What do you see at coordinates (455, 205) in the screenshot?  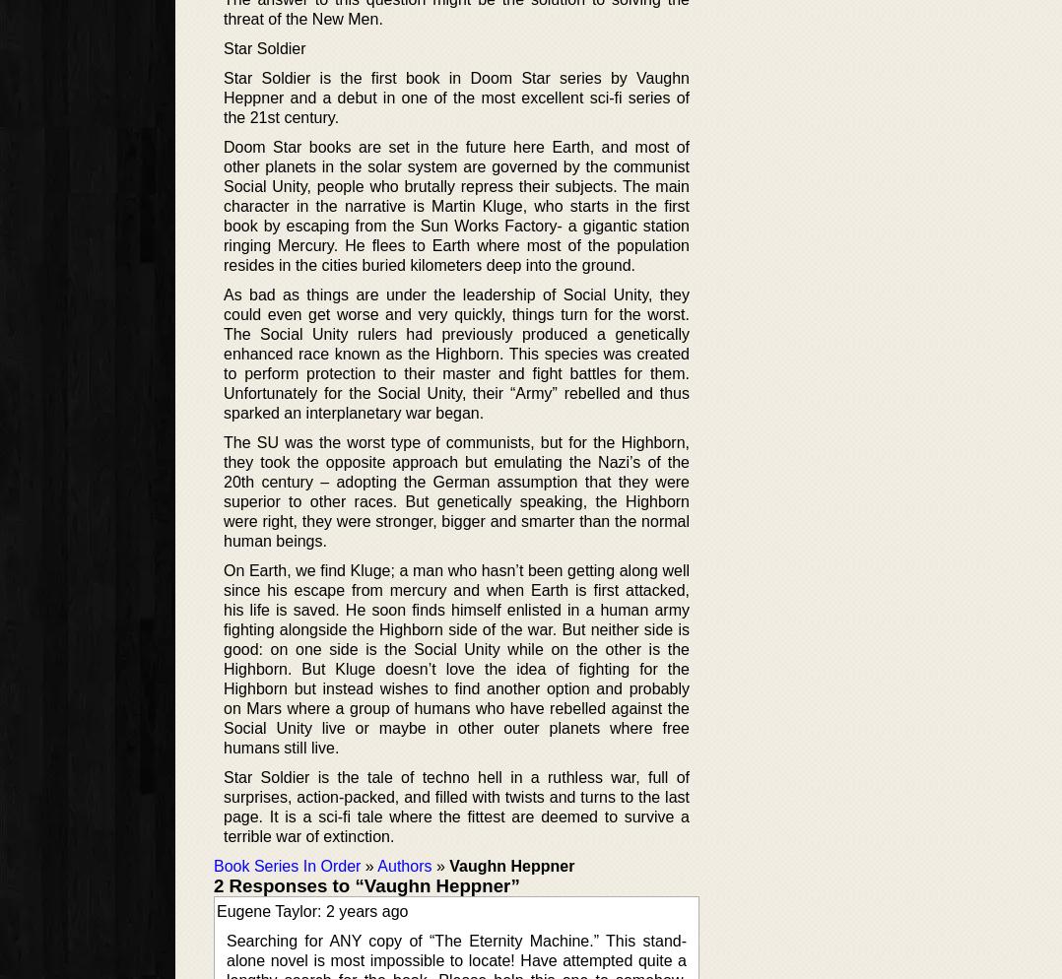 I see `'Doom Star books are set in the future here Earth, and most of other planets in the solar system are governed by the communist Social Unity, people who brutally repress their subjects. The main character in the narrative is Martin Kluge, who starts in the first book by escaping from the Sun Works Factory- a gigantic station ringing Mercury. He flees to Earth where most of the population resides in the cities buried kilometers deep into the ground.'` at bounding box center [455, 205].